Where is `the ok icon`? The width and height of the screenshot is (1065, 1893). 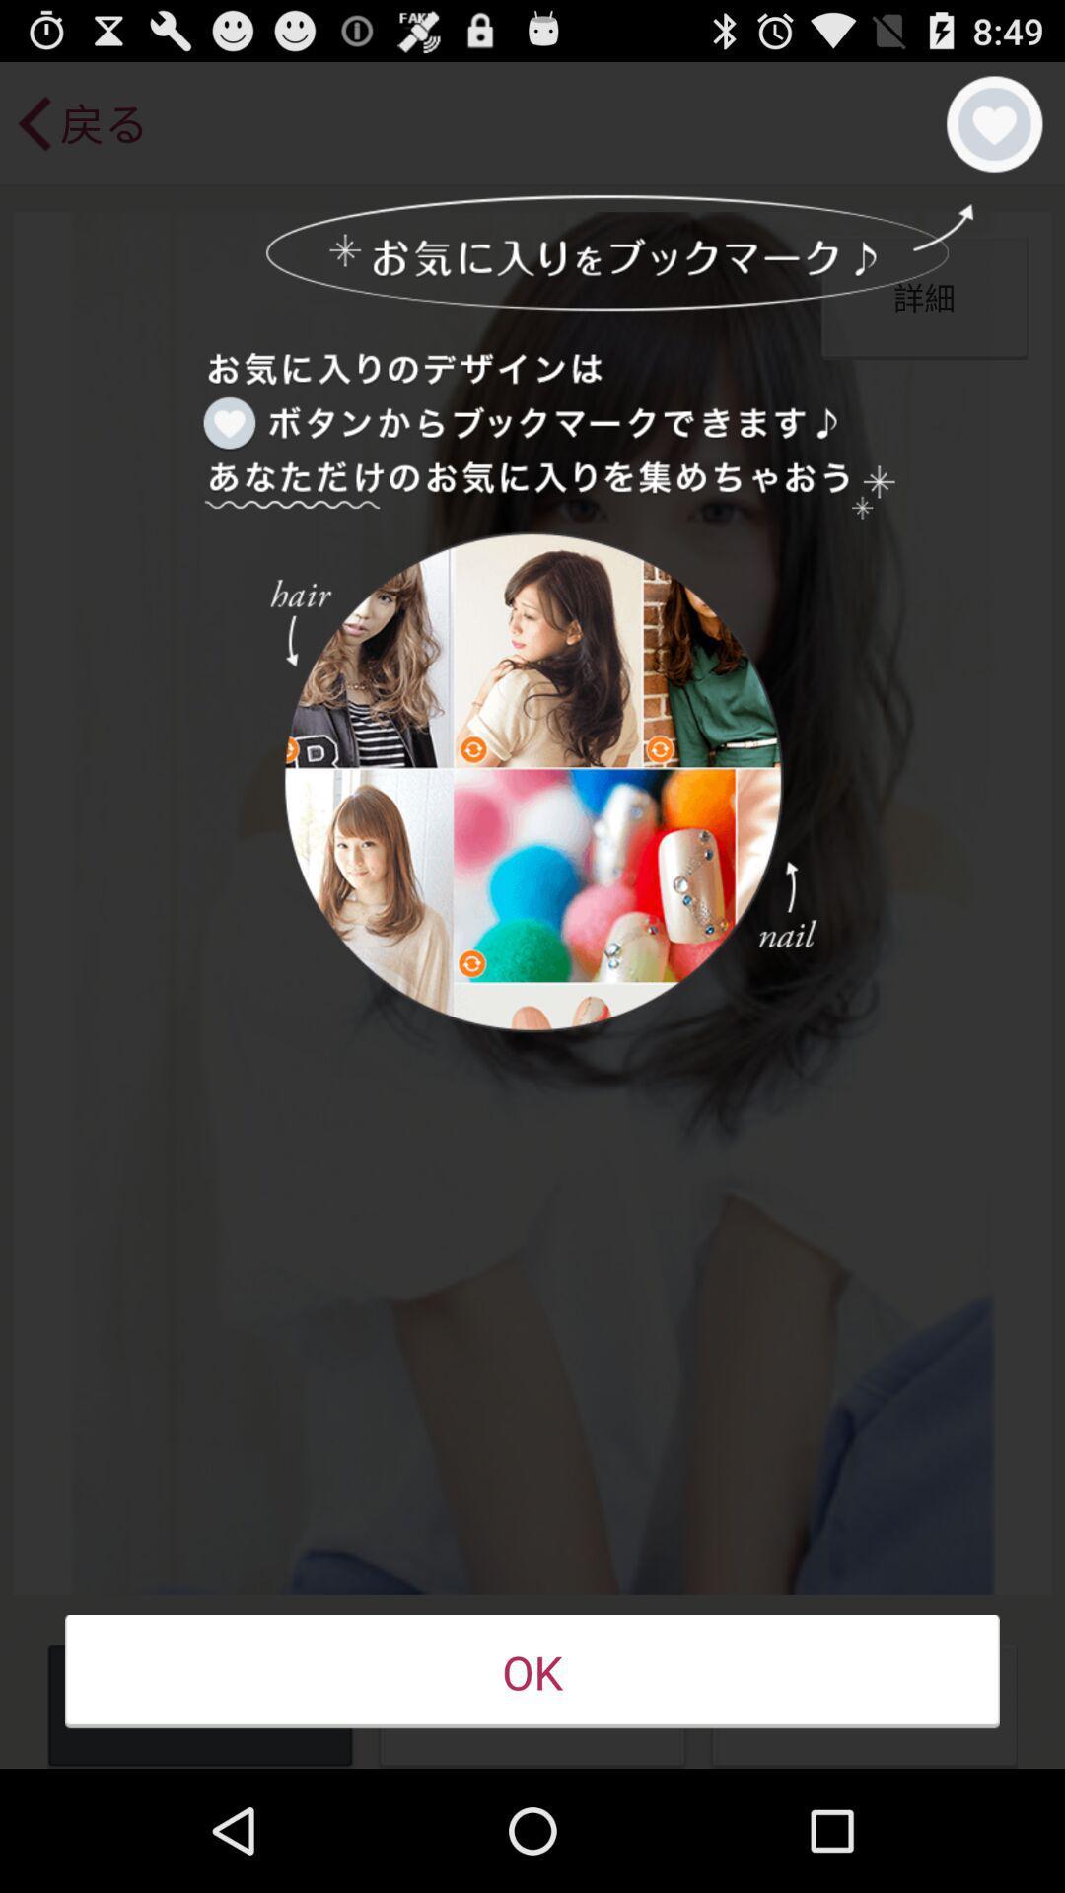 the ok icon is located at coordinates (532, 1671).